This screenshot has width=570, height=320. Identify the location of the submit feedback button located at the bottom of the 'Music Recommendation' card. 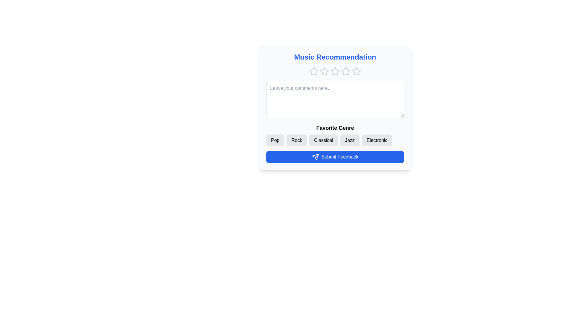
(335, 156).